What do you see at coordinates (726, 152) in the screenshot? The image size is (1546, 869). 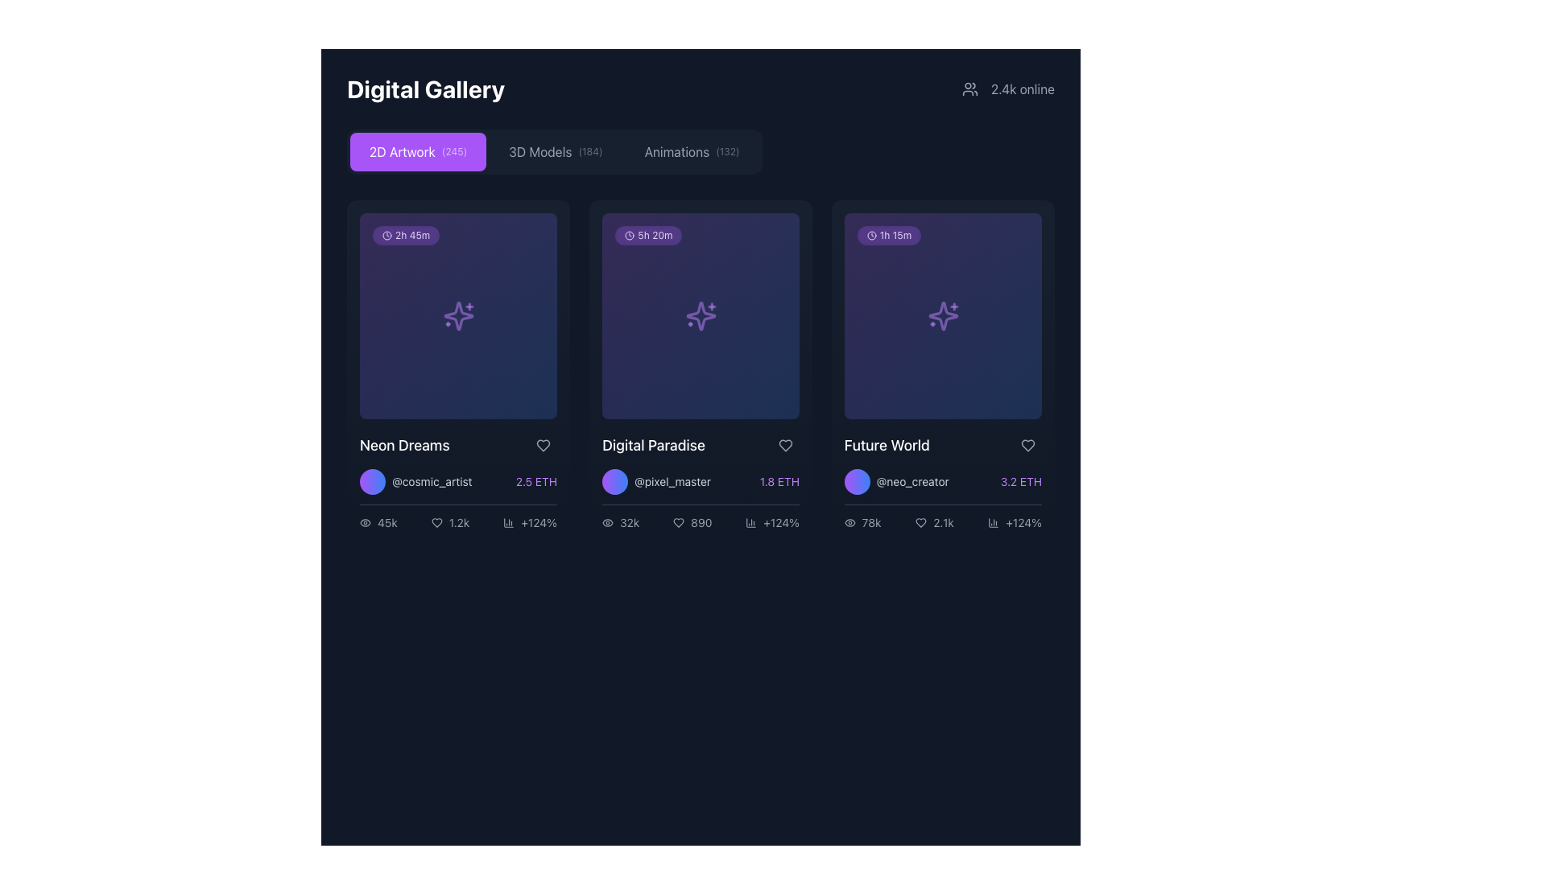 I see `count displayed on the label showing '(132)', which is located to the right of the word 'Animations' in the dark-themed navigation header` at bounding box center [726, 152].